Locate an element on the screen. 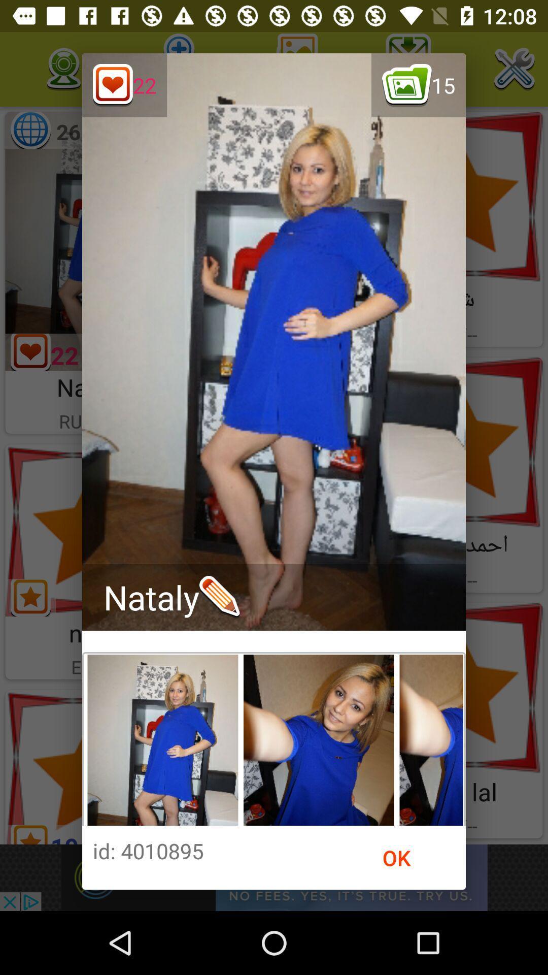 The image size is (548, 975). ok item is located at coordinates (396, 857).